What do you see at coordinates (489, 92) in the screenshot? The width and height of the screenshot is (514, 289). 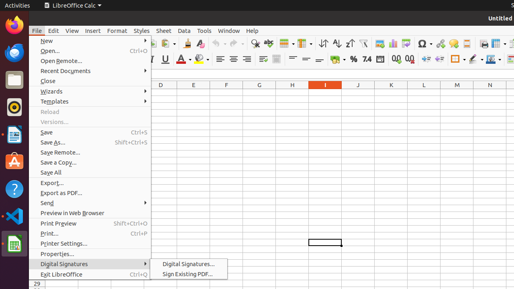 I see `'N1'` at bounding box center [489, 92].